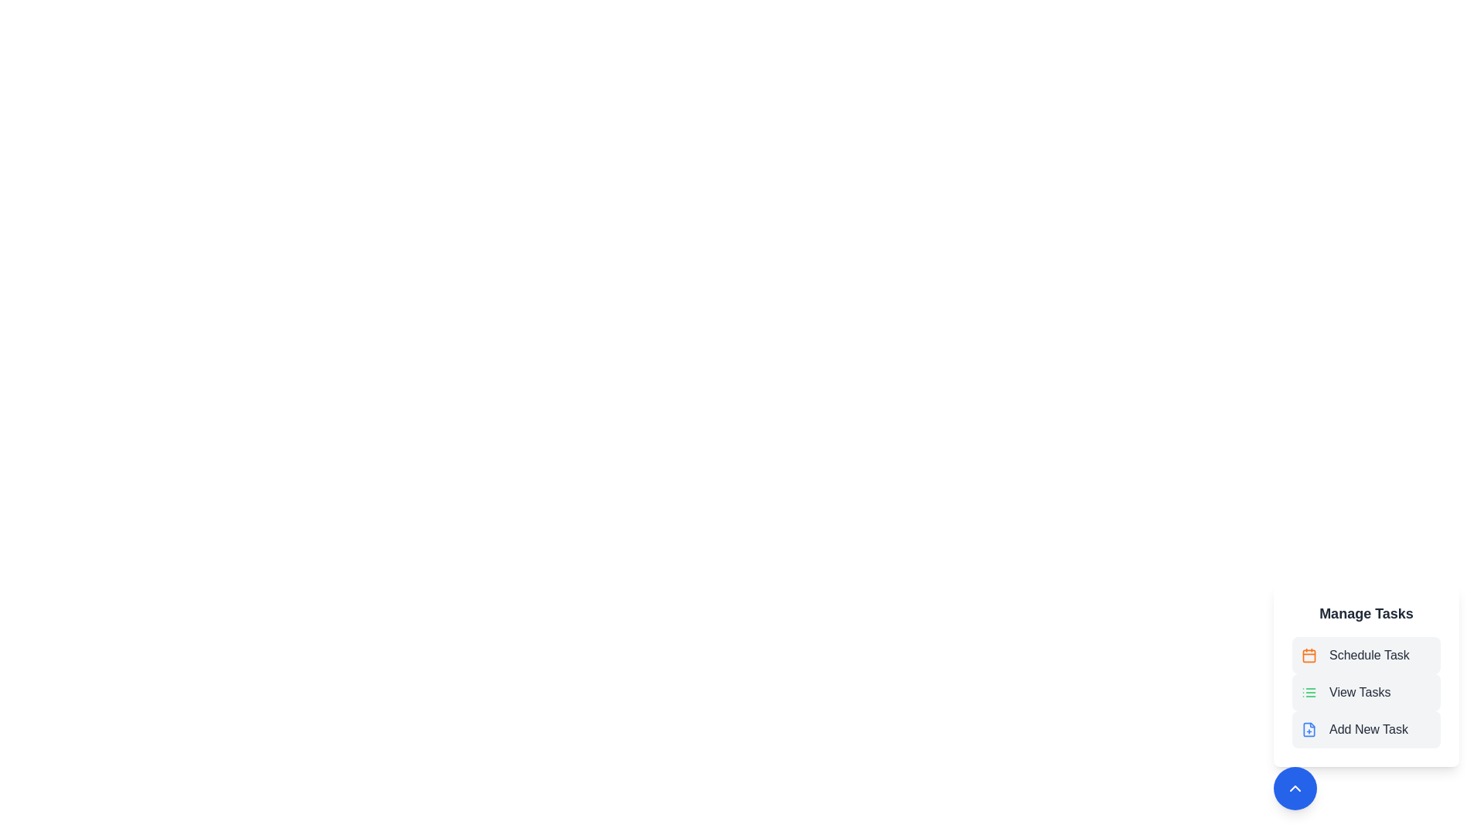 This screenshot has width=1484, height=835. What do you see at coordinates (1366, 691) in the screenshot?
I see `the 'View Tasks' button` at bounding box center [1366, 691].